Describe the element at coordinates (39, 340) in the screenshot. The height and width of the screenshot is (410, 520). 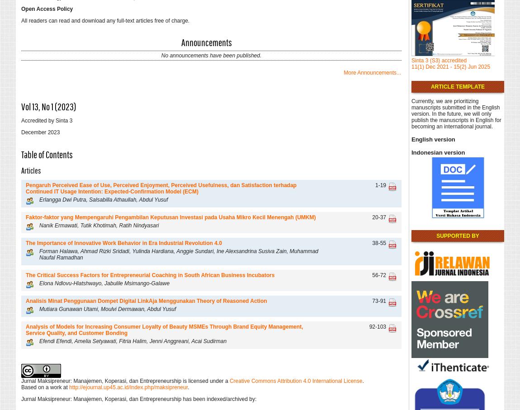
I see `'Efendi Efendi,									Amelia Setyawati,									Fitria Halim,									Jenni Anggreani,									Acai Sudirman'` at that location.